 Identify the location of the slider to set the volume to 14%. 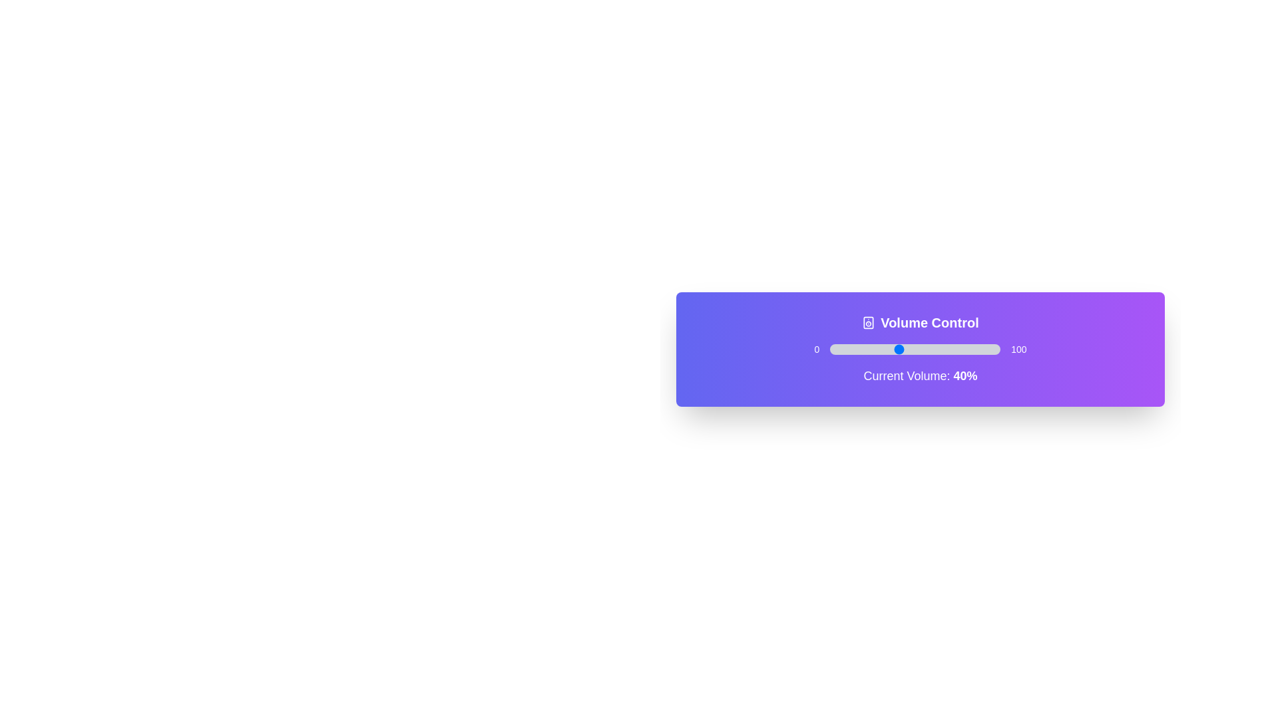
(853, 348).